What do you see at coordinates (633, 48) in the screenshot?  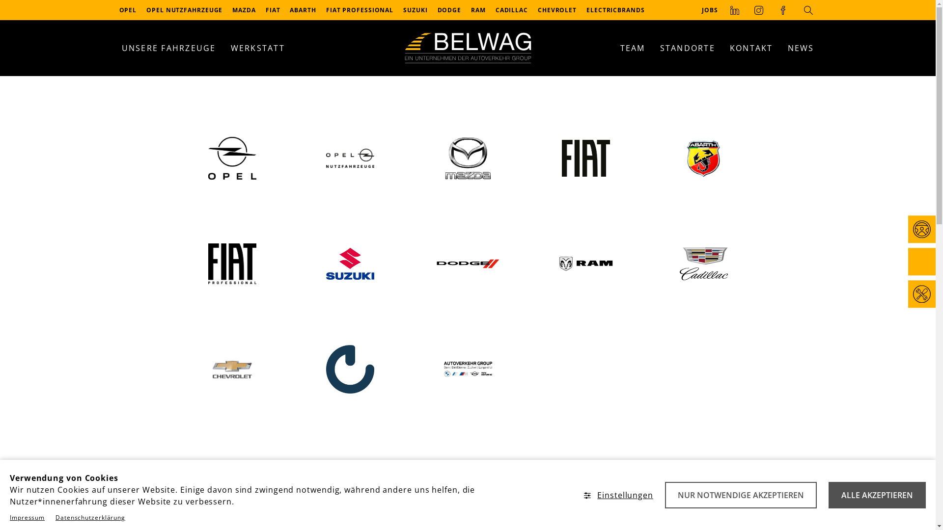 I see `'TEAM'` at bounding box center [633, 48].